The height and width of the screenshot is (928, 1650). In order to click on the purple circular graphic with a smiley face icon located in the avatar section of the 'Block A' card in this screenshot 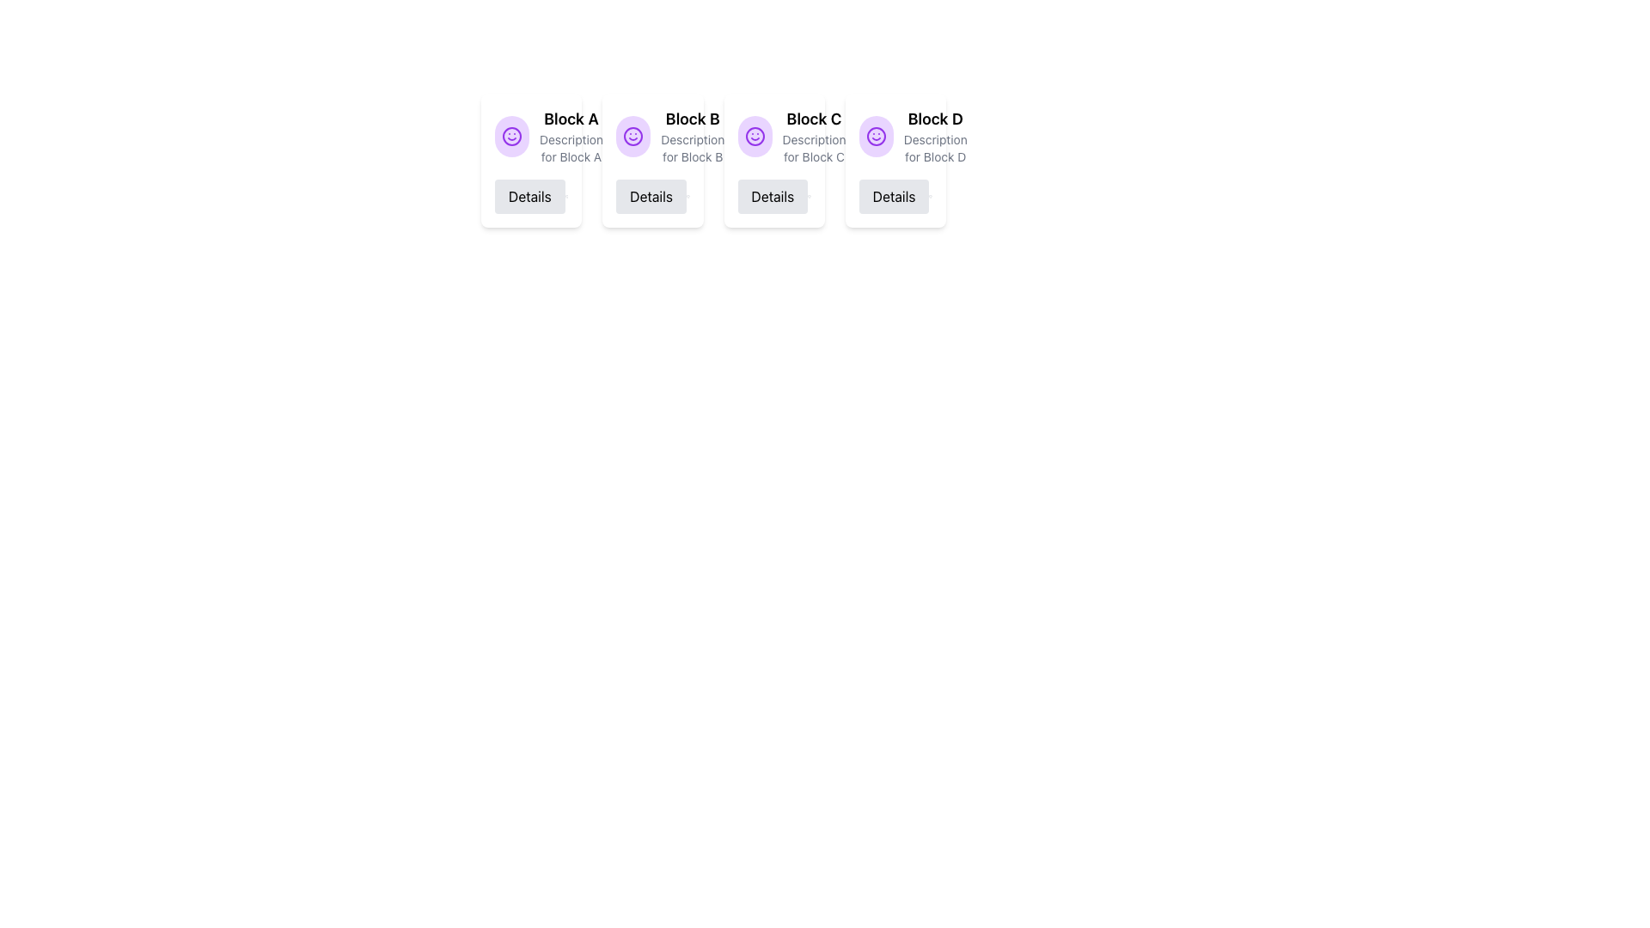, I will do `click(632, 135)`.